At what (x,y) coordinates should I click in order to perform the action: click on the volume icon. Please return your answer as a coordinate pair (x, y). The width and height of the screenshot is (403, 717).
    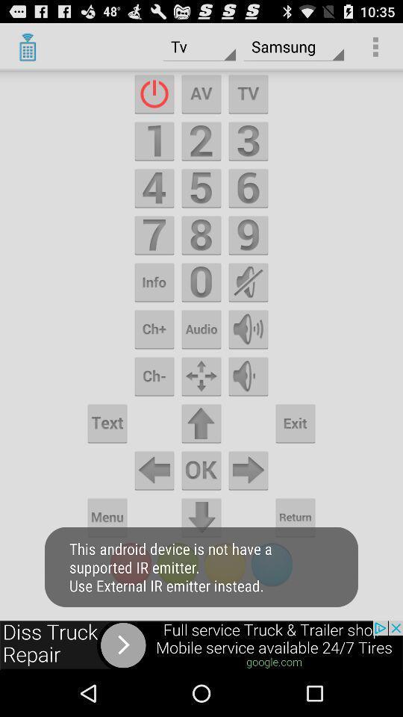
    Looking at the image, I should click on (249, 352).